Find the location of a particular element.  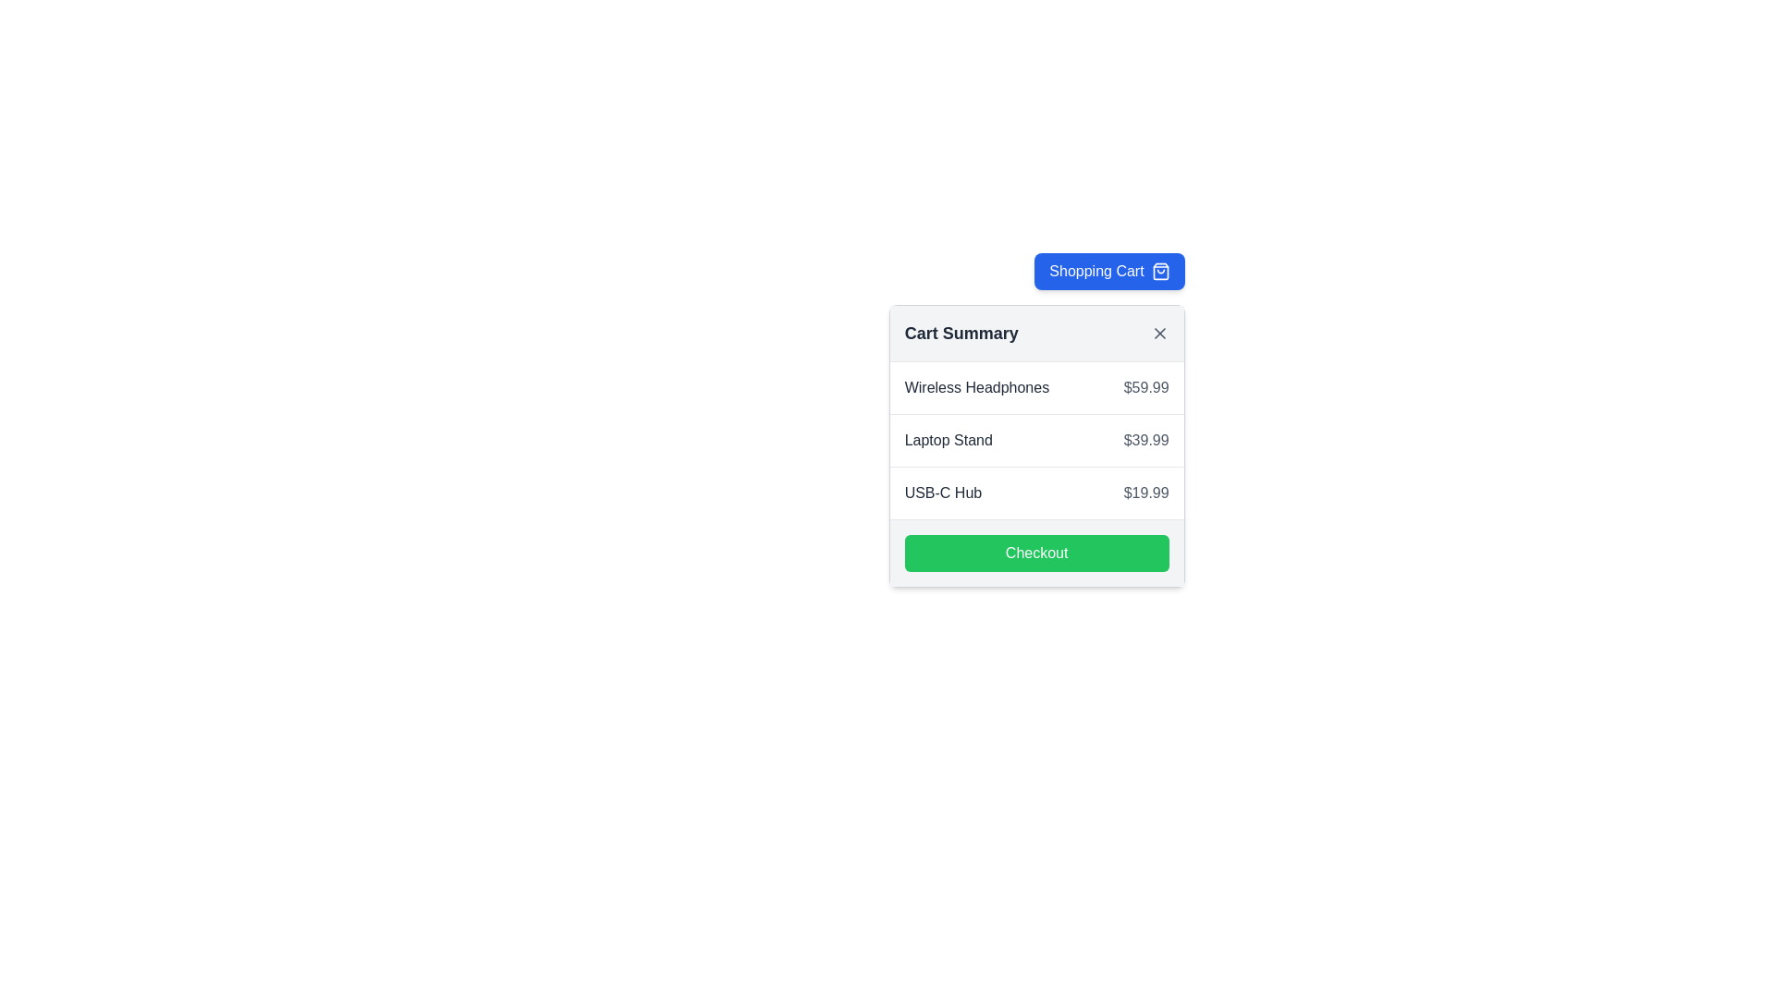

the list item displaying 'Laptop Stand' and its price '$39.99' in the Cart Summary section, which is the second item in the list is located at coordinates (1036, 440).